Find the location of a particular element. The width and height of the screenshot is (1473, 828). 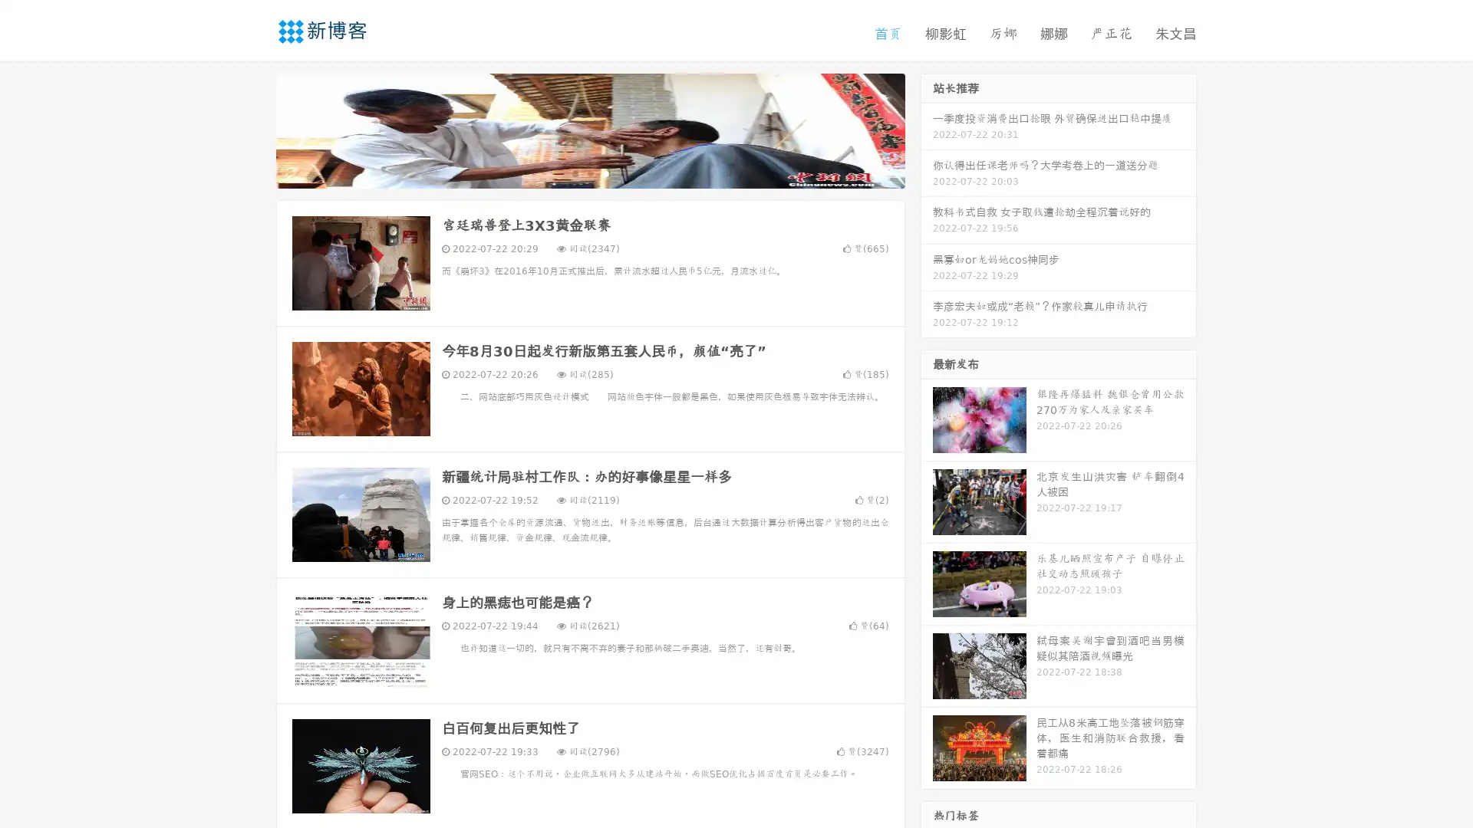

Previous slide is located at coordinates (253, 129).